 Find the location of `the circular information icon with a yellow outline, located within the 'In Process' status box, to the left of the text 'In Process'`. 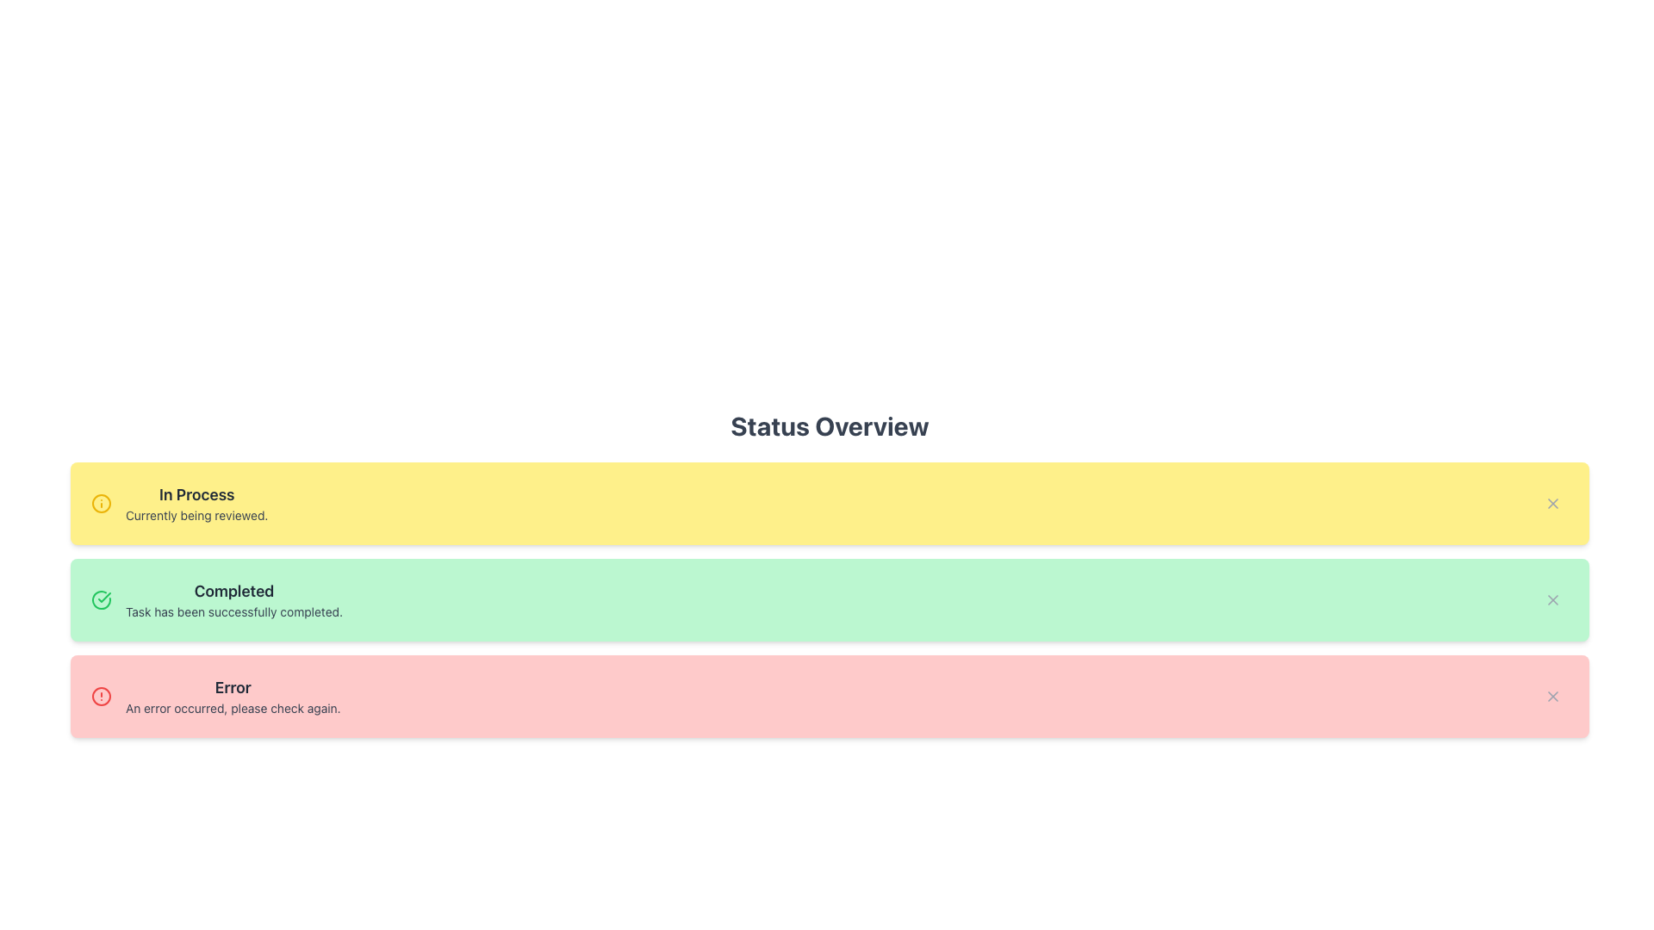

the circular information icon with a yellow outline, located within the 'In Process' status box, to the left of the text 'In Process' is located at coordinates (101, 504).